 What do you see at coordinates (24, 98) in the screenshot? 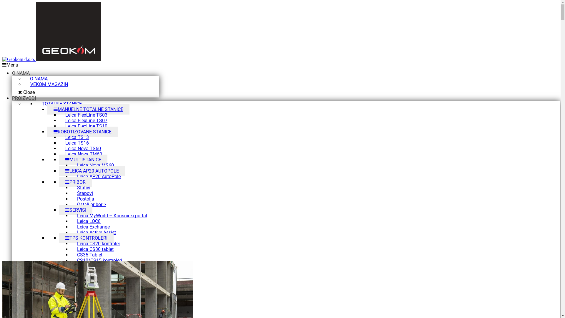
I see `'PROIZVODI'` at bounding box center [24, 98].